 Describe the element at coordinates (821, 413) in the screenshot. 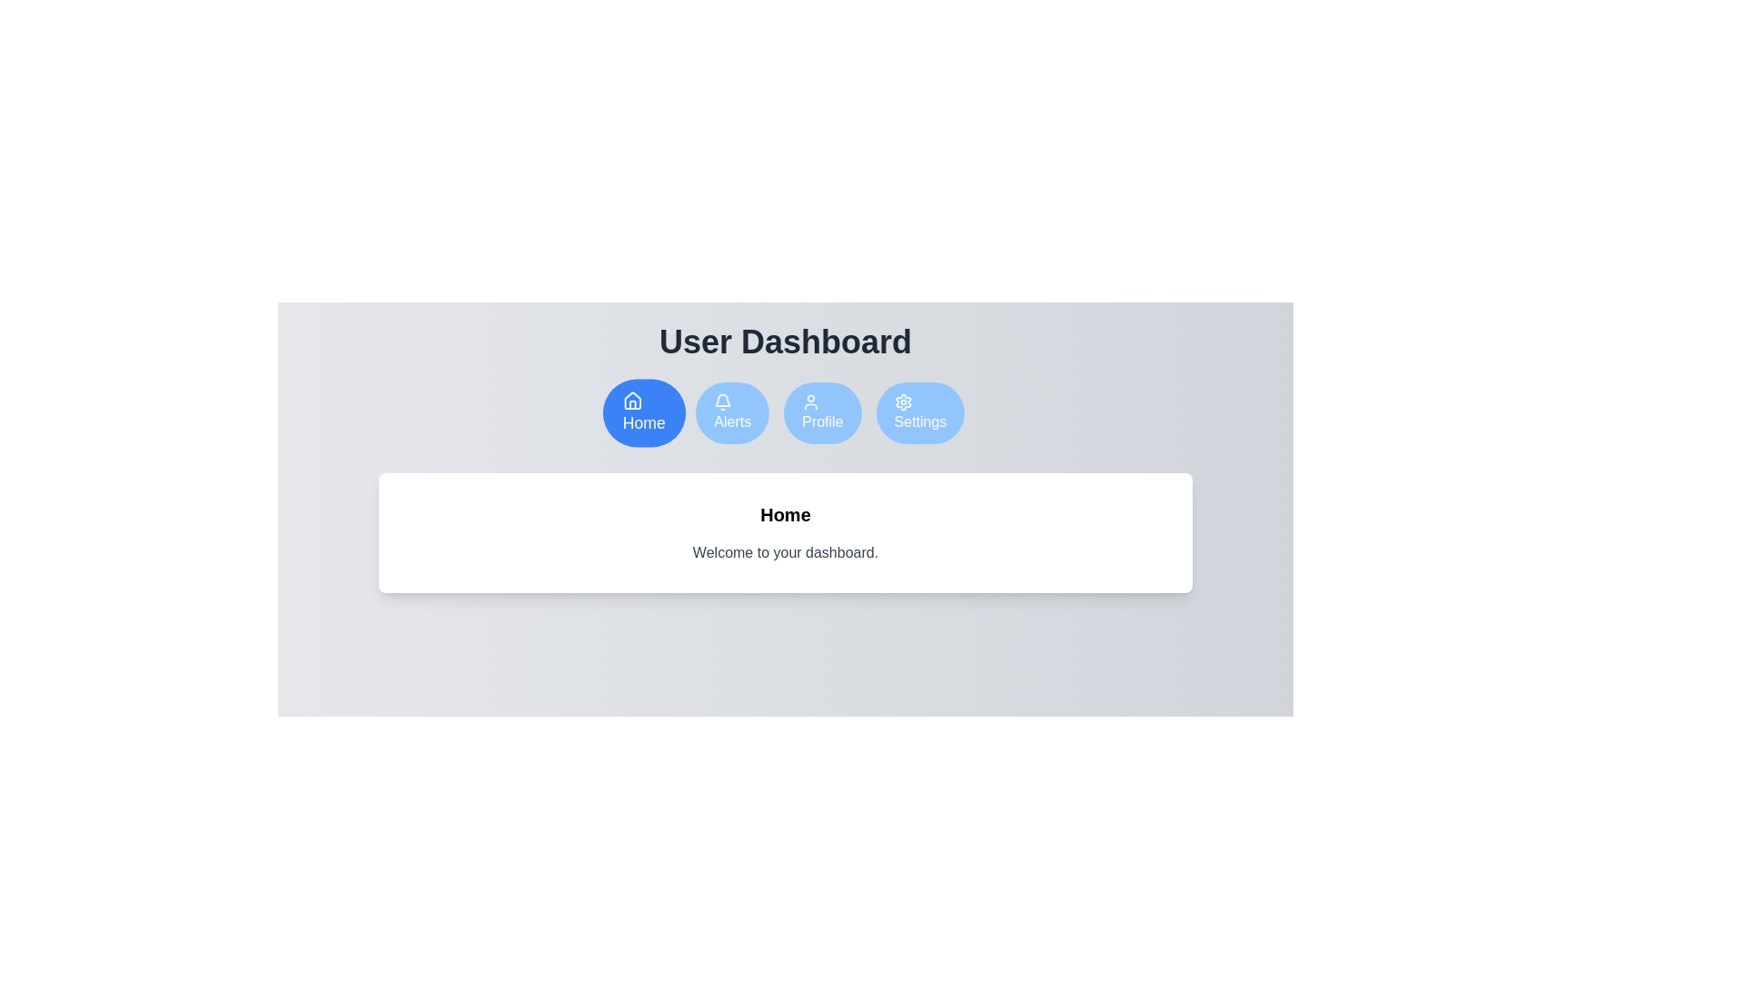

I see `the Profile tab by clicking on the respective button` at that location.